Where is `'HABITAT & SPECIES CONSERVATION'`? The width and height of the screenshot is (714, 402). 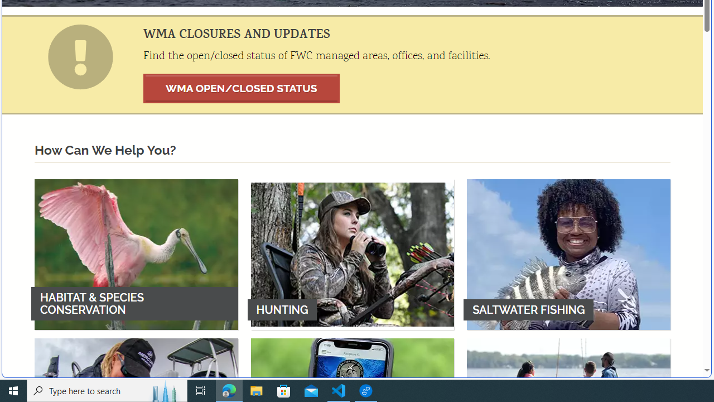 'HABITAT & SPECIES CONSERVATION' is located at coordinates (136, 254).